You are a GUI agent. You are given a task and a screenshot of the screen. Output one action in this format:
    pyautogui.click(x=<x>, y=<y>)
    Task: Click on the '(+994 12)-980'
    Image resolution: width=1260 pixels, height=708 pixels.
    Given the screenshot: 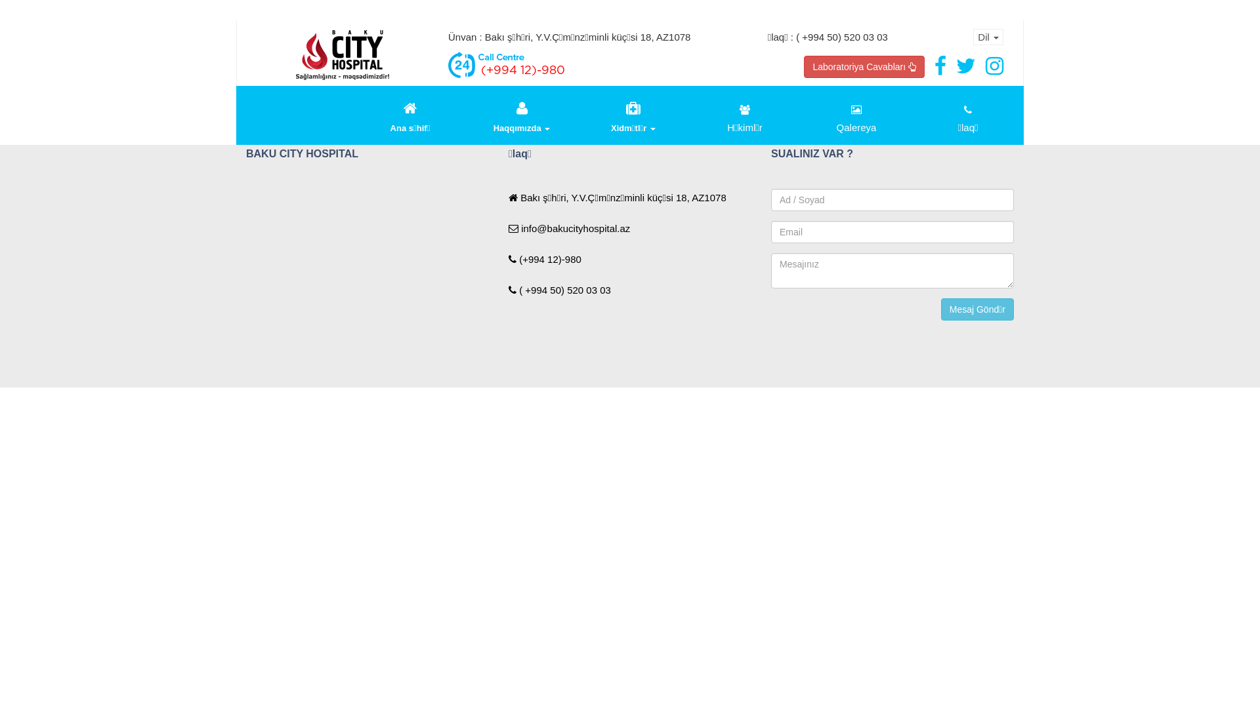 What is the action you would take?
    pyautogui.click(x=545, y=259)
    